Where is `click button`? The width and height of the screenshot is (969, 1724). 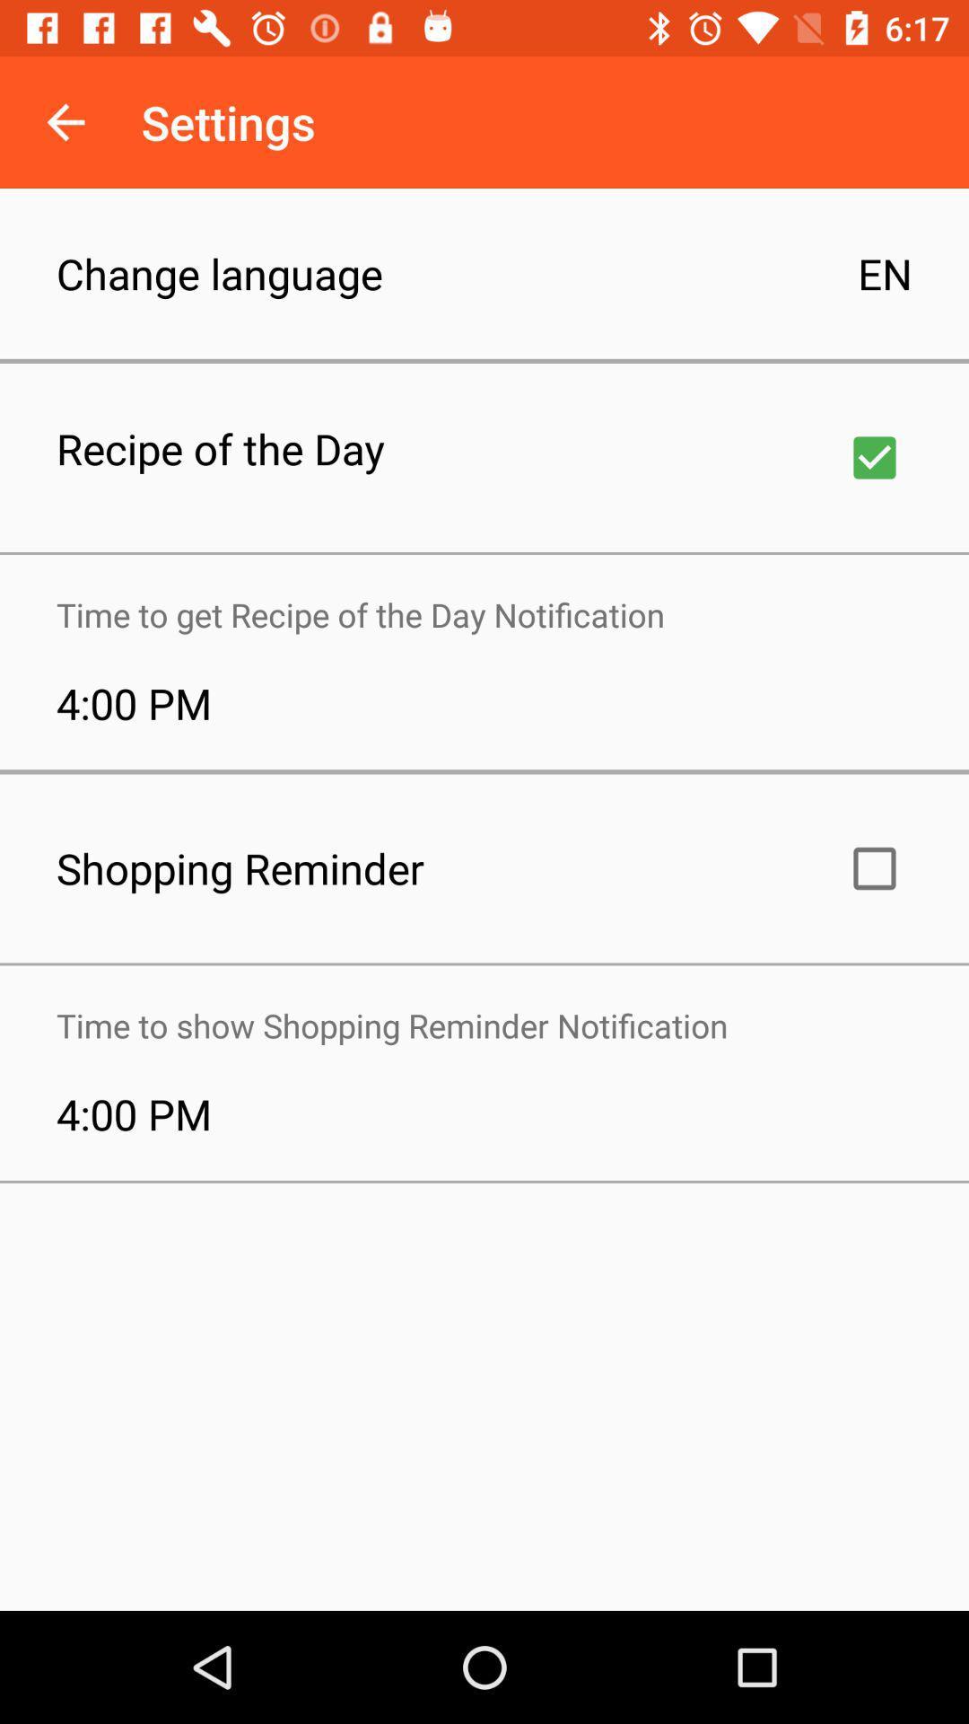
click button is located at coordinates (874, 868).